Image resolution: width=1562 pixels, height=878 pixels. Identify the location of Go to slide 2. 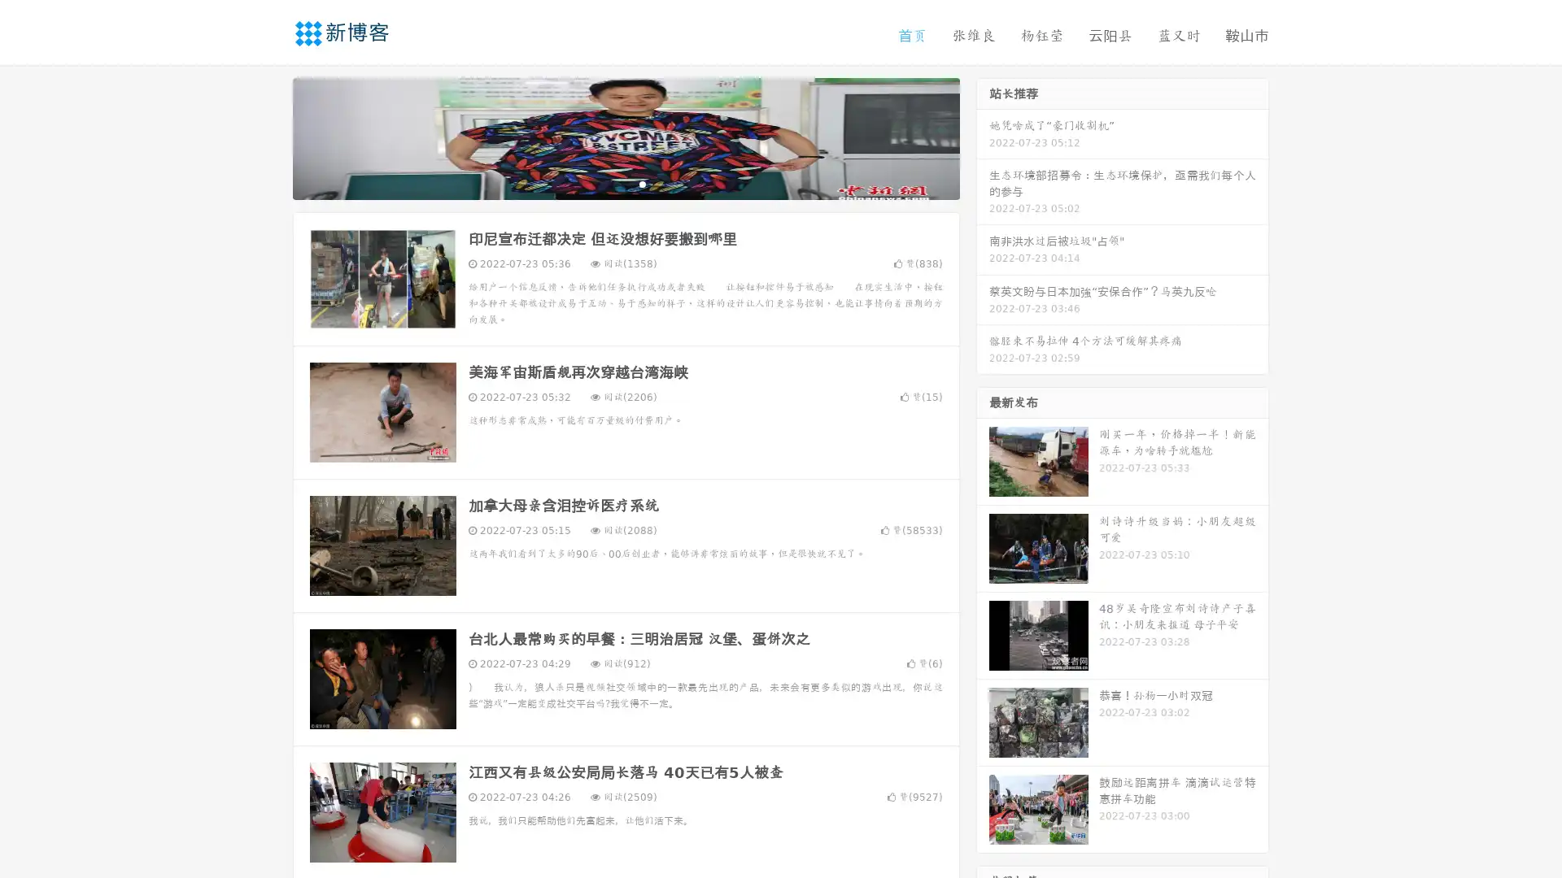
(625, 183).